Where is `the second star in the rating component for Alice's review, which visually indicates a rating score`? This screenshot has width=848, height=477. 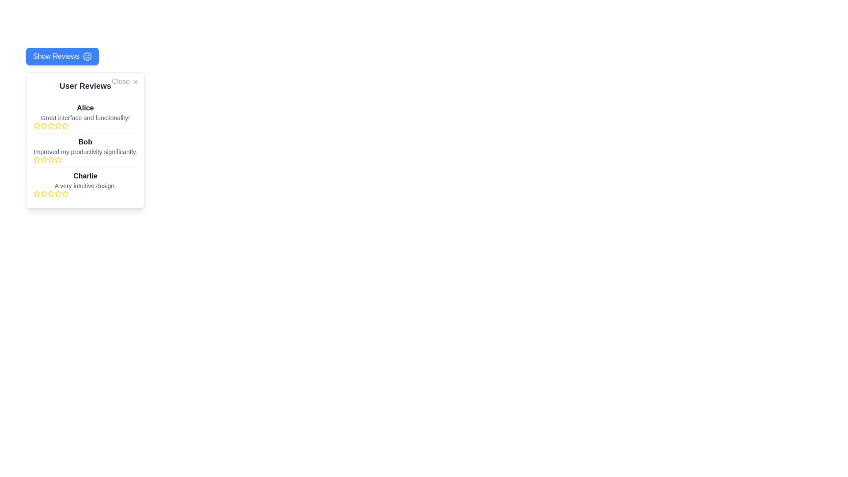
the second star in the rating component for Alice's review, which visually indicates a rating score is located at coordinates (44, 126).